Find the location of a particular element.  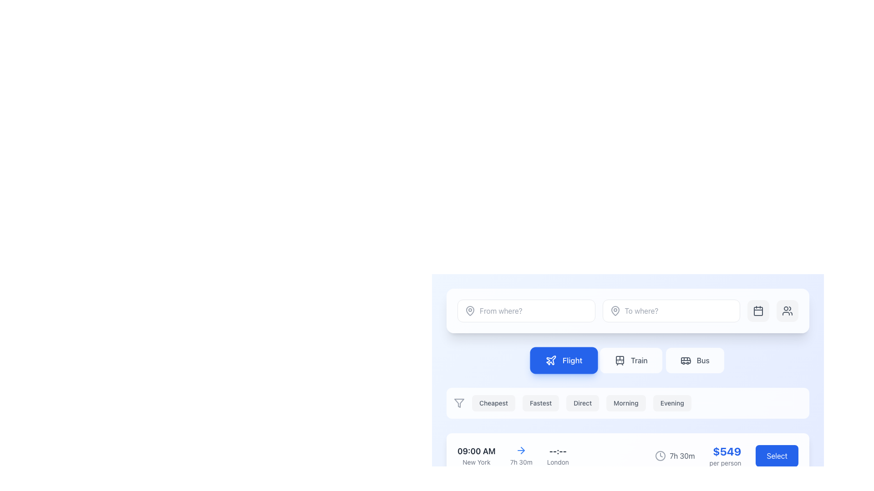

the flight option selection button located to the far right of the price details ('$549 per person') to observe its hover effect is located at coordinates (777, 456).